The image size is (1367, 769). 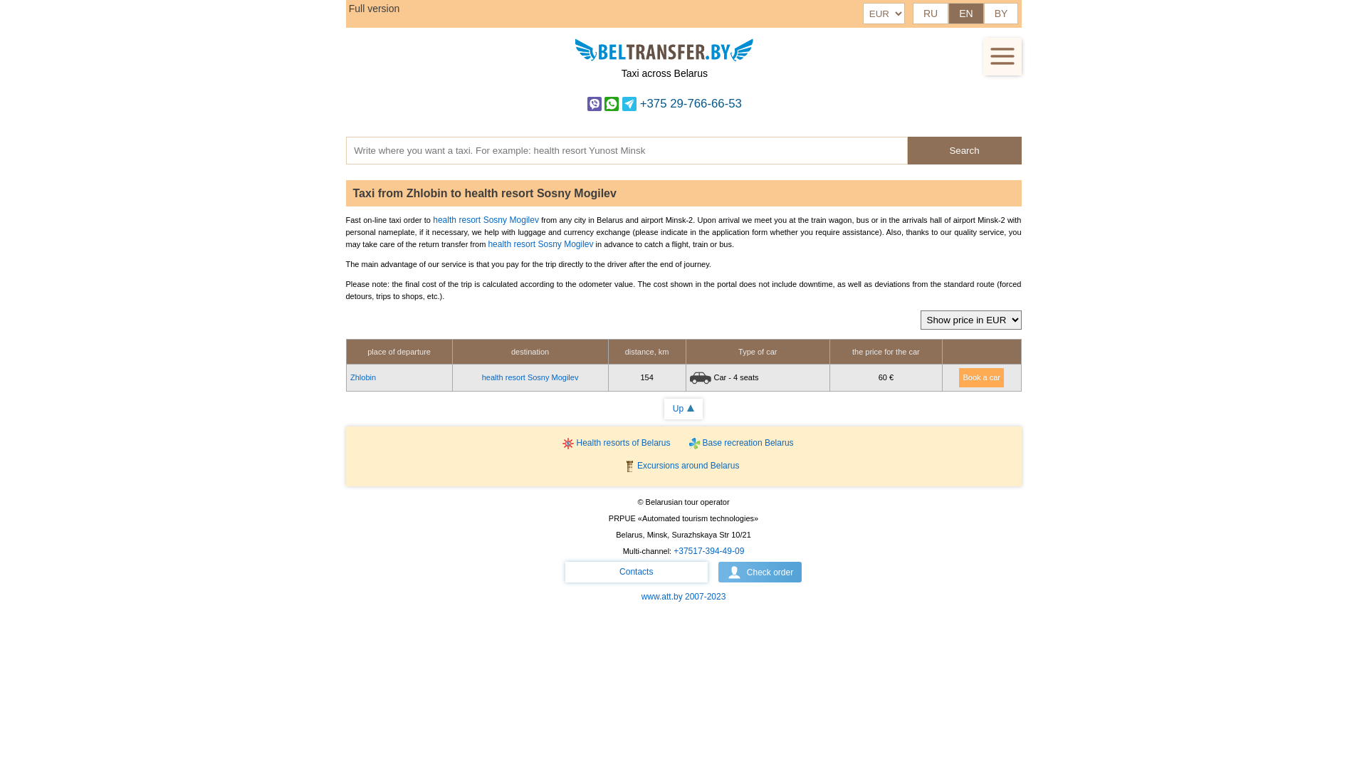 What do you see at coordinates (963, 150) in the screenshot?
I see `'Search'` at bounding box center [963, 150].